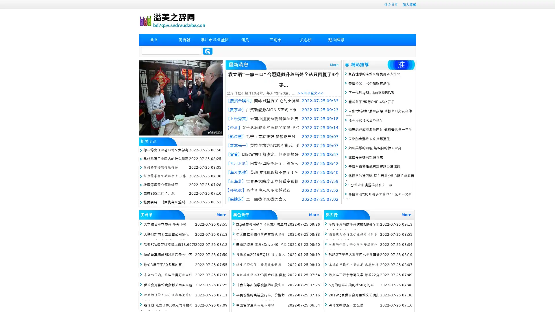 The height and width of the screenshot is (312, 555). Describe the element at coordinates (208, 51) in the screenshot. I see `Search` at that location.